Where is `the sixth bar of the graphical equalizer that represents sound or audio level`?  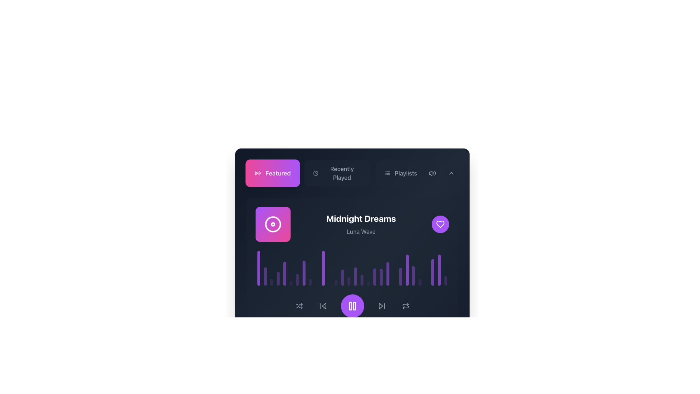
the sixth bar of the graphical equalizer that represents sound or audio level is located at coordinates (291, 283).